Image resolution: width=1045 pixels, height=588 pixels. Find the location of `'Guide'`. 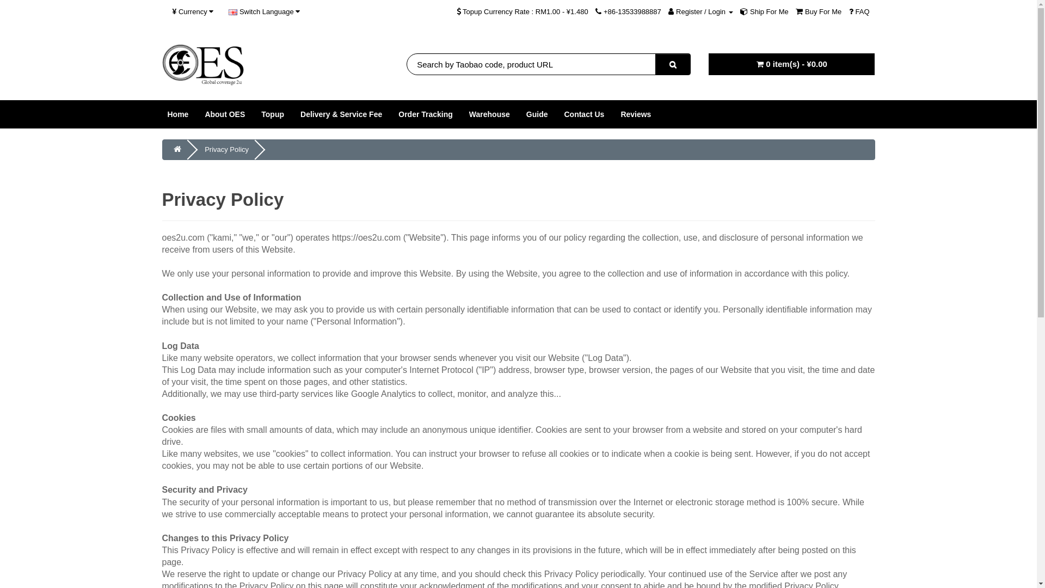

'Guide' is located at coordinates (537, 114).